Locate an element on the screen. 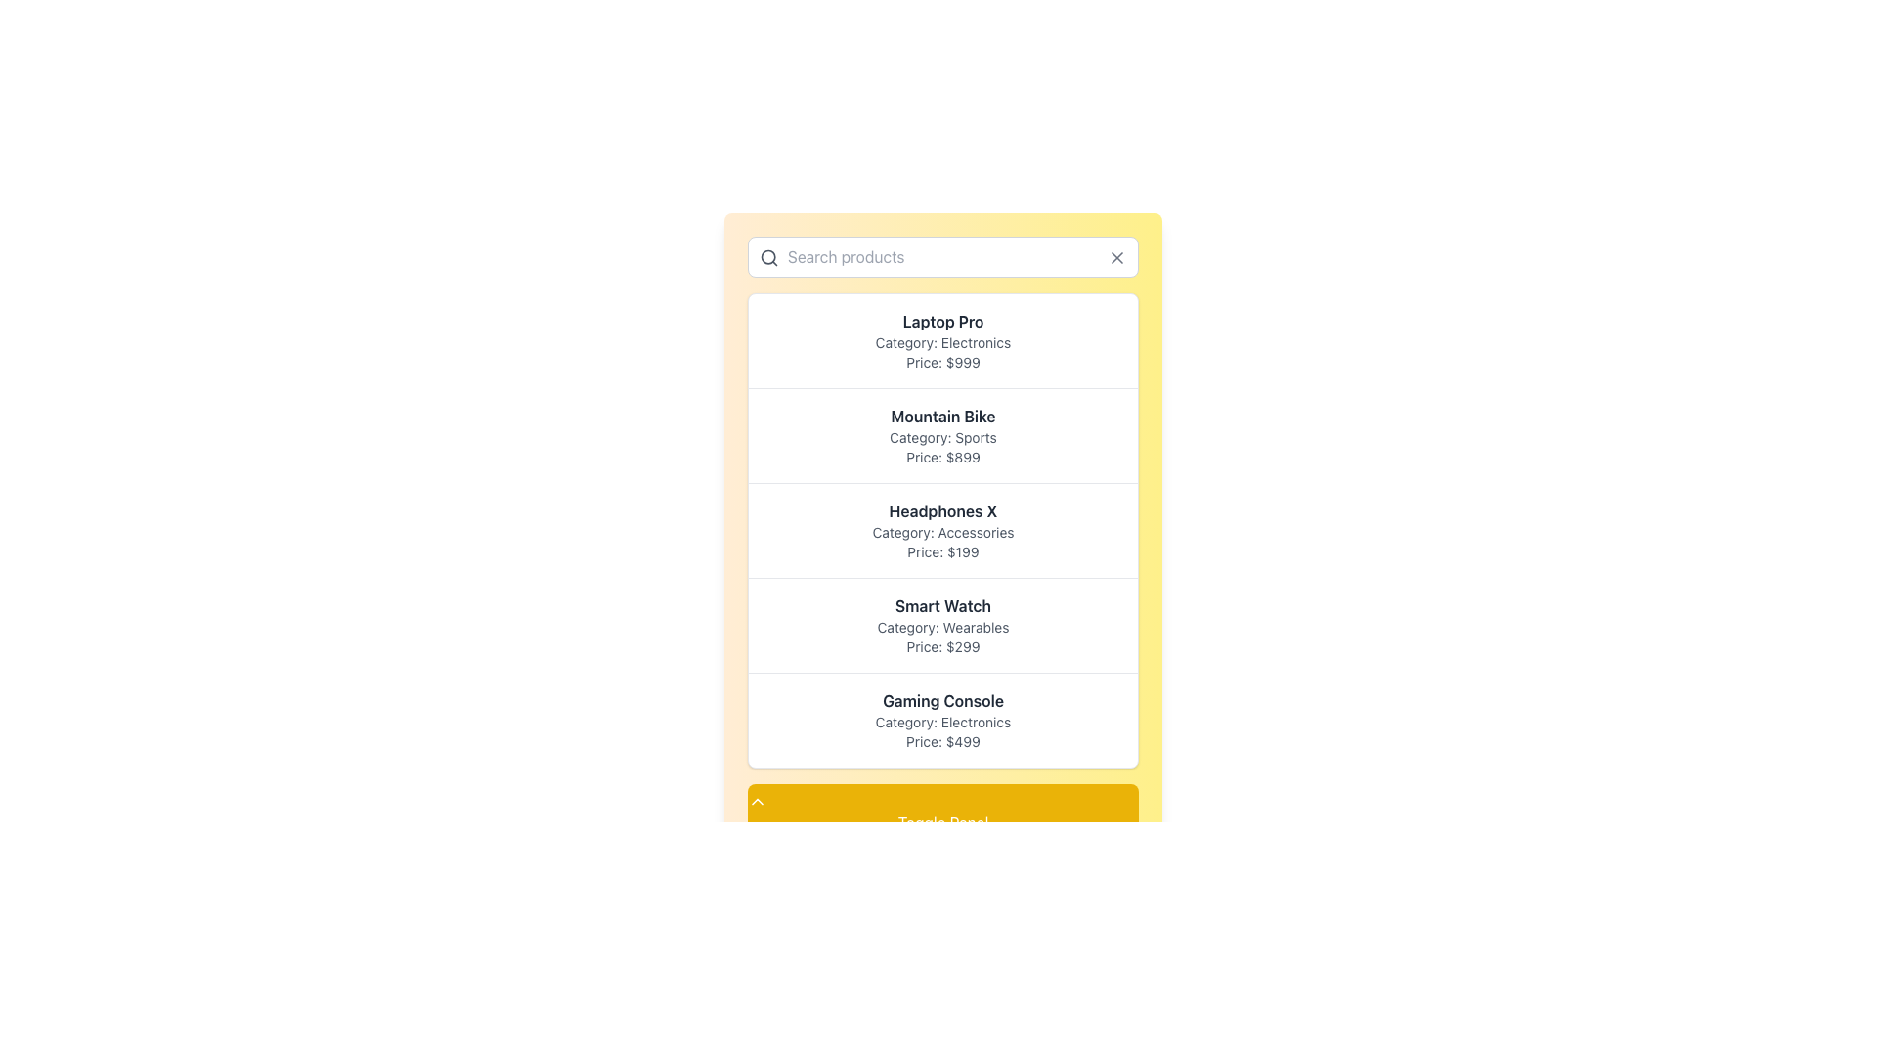 This screenshot has height=1056, width=1877. text label displaying 'Category: Wearables' which is located below the main header 'Smart Watch' and above the price information in a list item is located at coordinates (942, 627).